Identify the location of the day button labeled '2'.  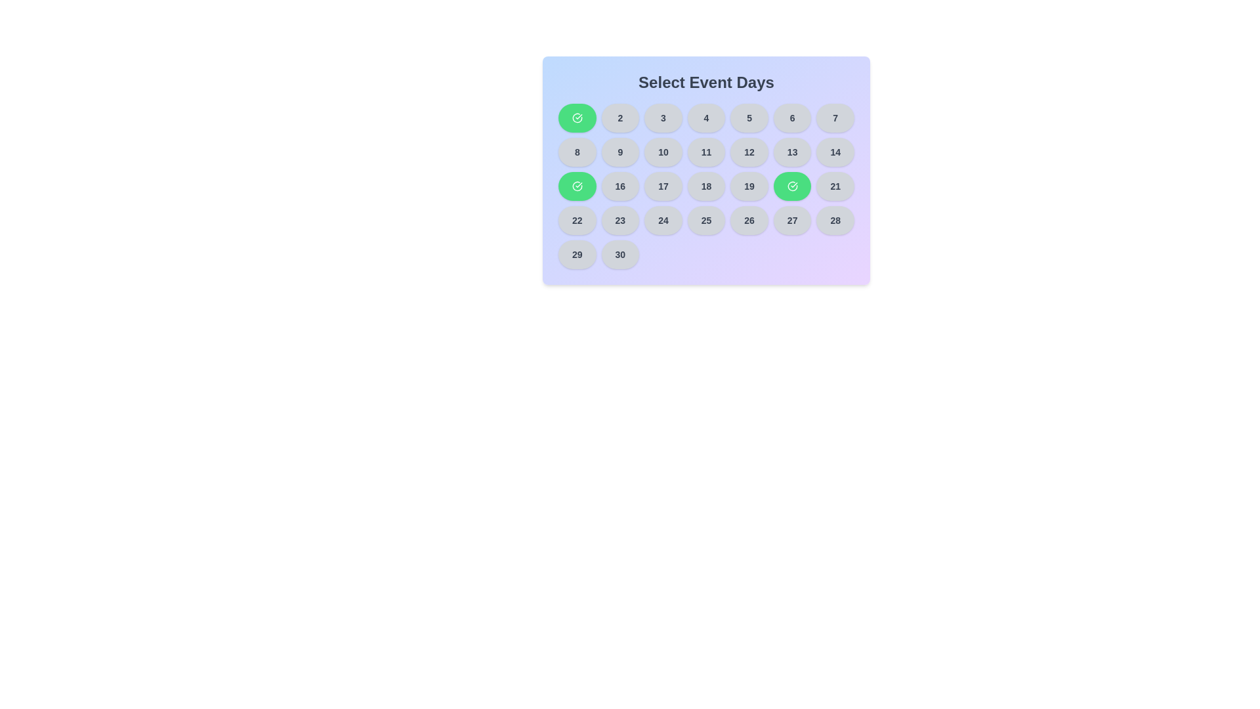
(619, 118).